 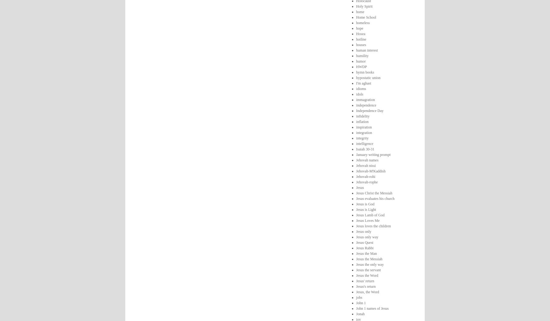 What do you see at coordinates (367, 236) in the screenshot?
I see `'Jesus only way'` at bounding box center [367, 236].